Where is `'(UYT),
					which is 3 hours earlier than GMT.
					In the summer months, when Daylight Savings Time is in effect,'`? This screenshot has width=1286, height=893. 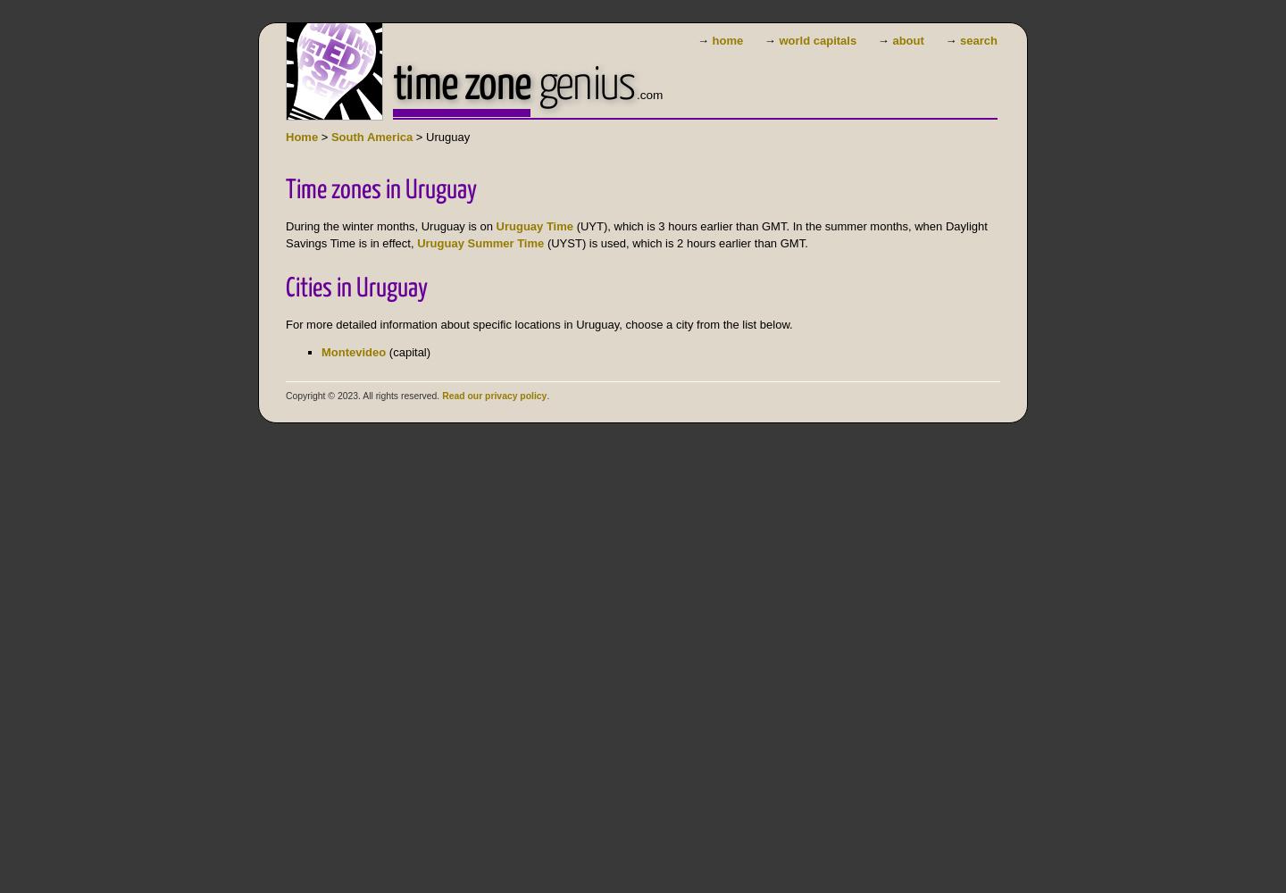
'(UYT),
					which is 3 hours earlier than GMT.
					In the summer months, when Daylight Savings Time is in effect,' is located at coordinates (636, 234).